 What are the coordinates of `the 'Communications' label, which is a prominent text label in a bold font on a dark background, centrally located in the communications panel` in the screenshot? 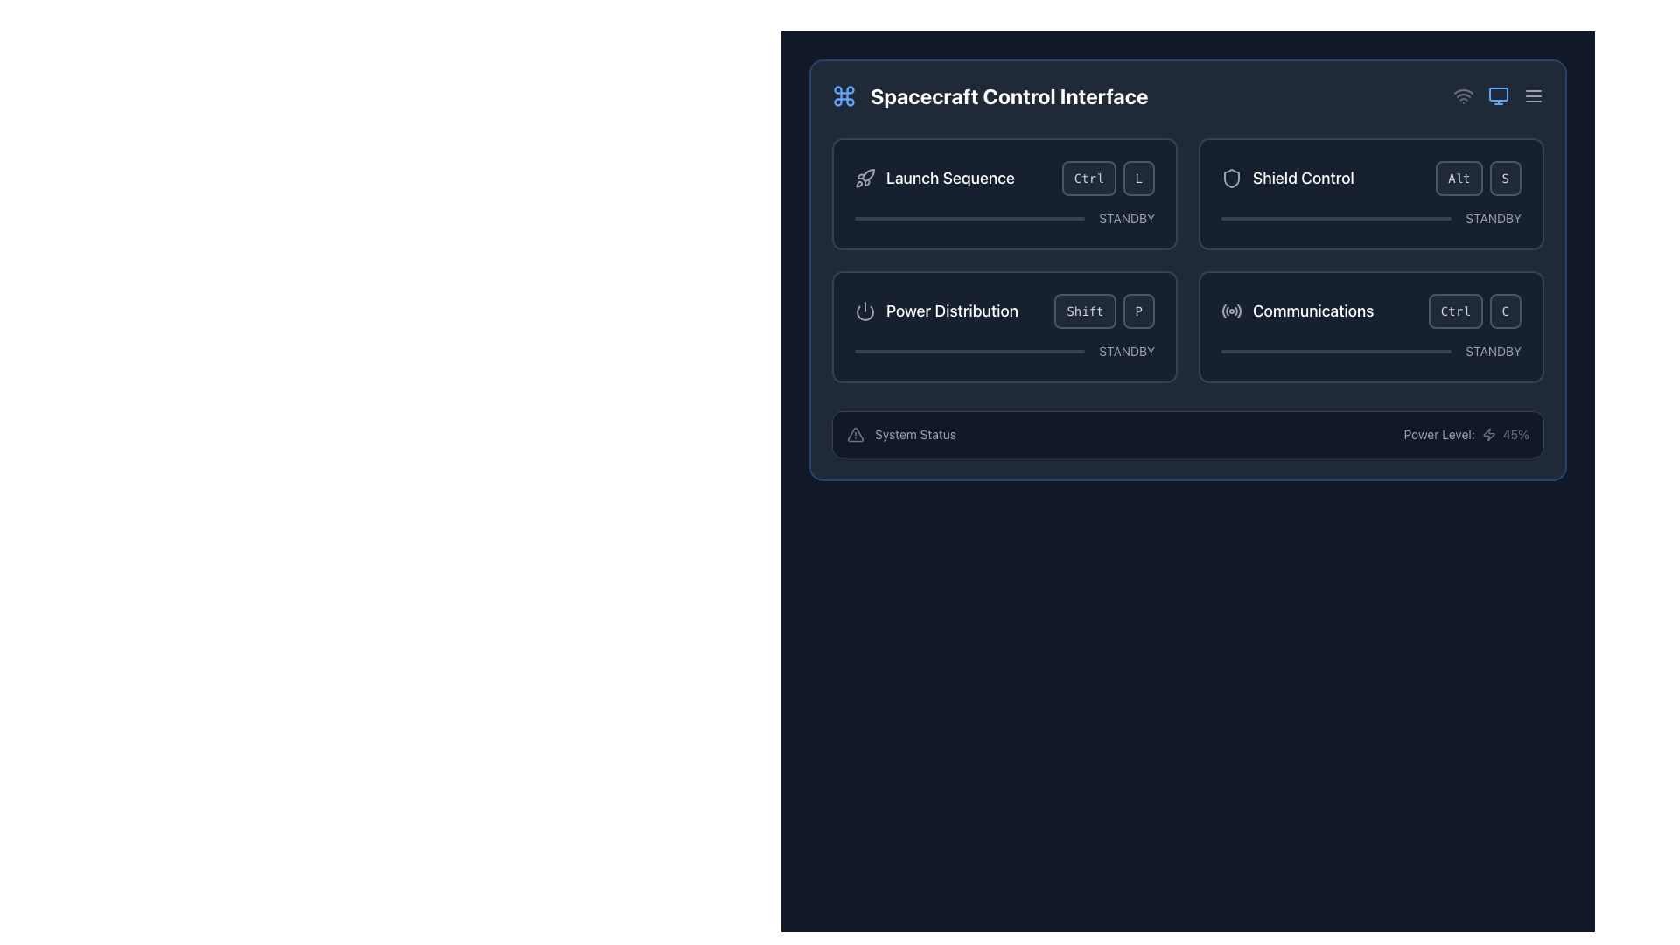 It's located at (1313, 310).